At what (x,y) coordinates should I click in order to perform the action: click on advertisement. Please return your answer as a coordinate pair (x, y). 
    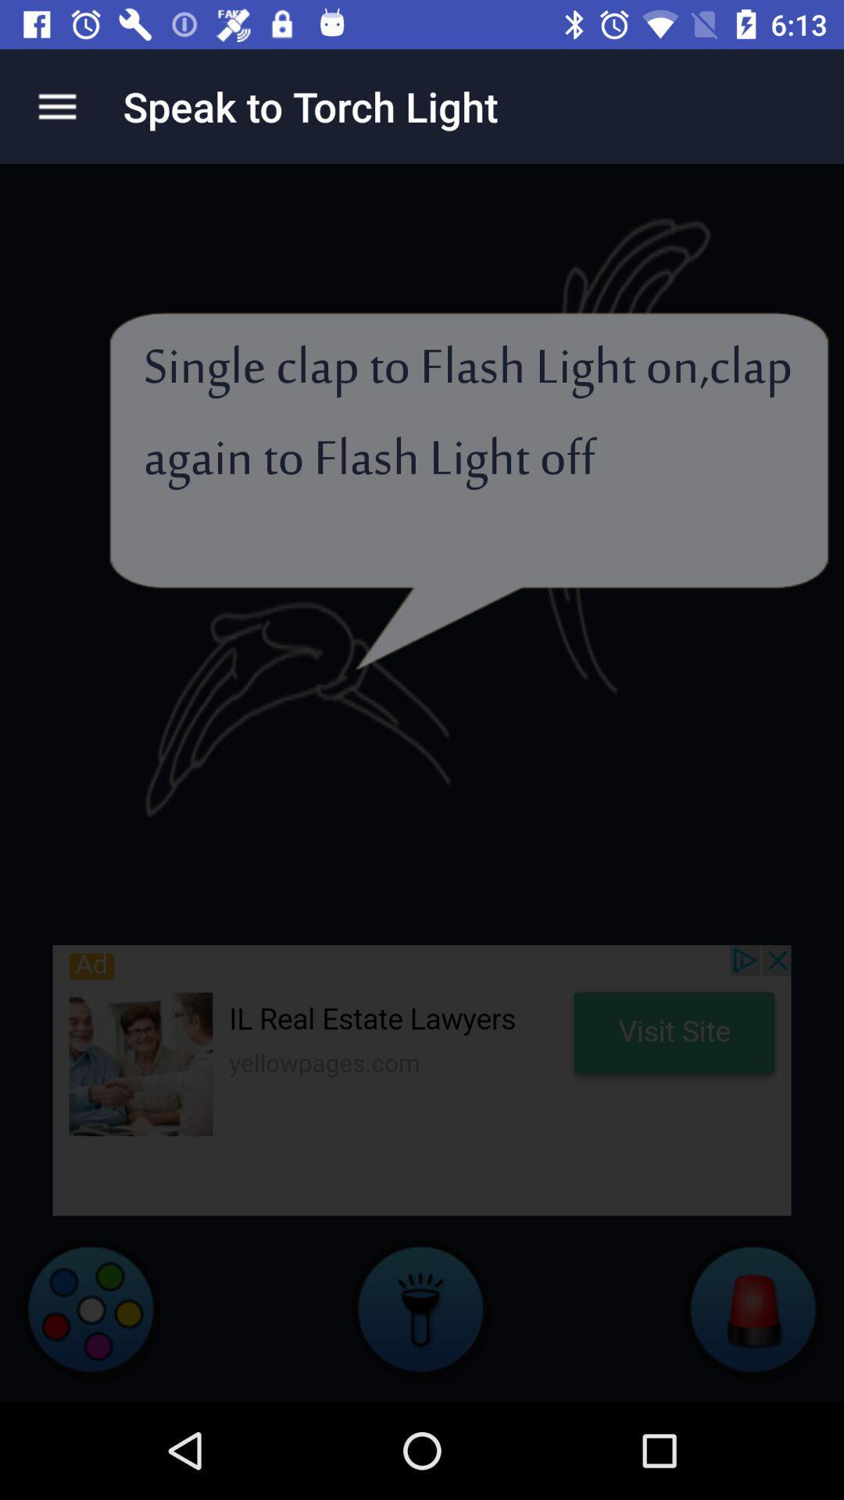
    Looking at the image, I should click on (422, 1079).